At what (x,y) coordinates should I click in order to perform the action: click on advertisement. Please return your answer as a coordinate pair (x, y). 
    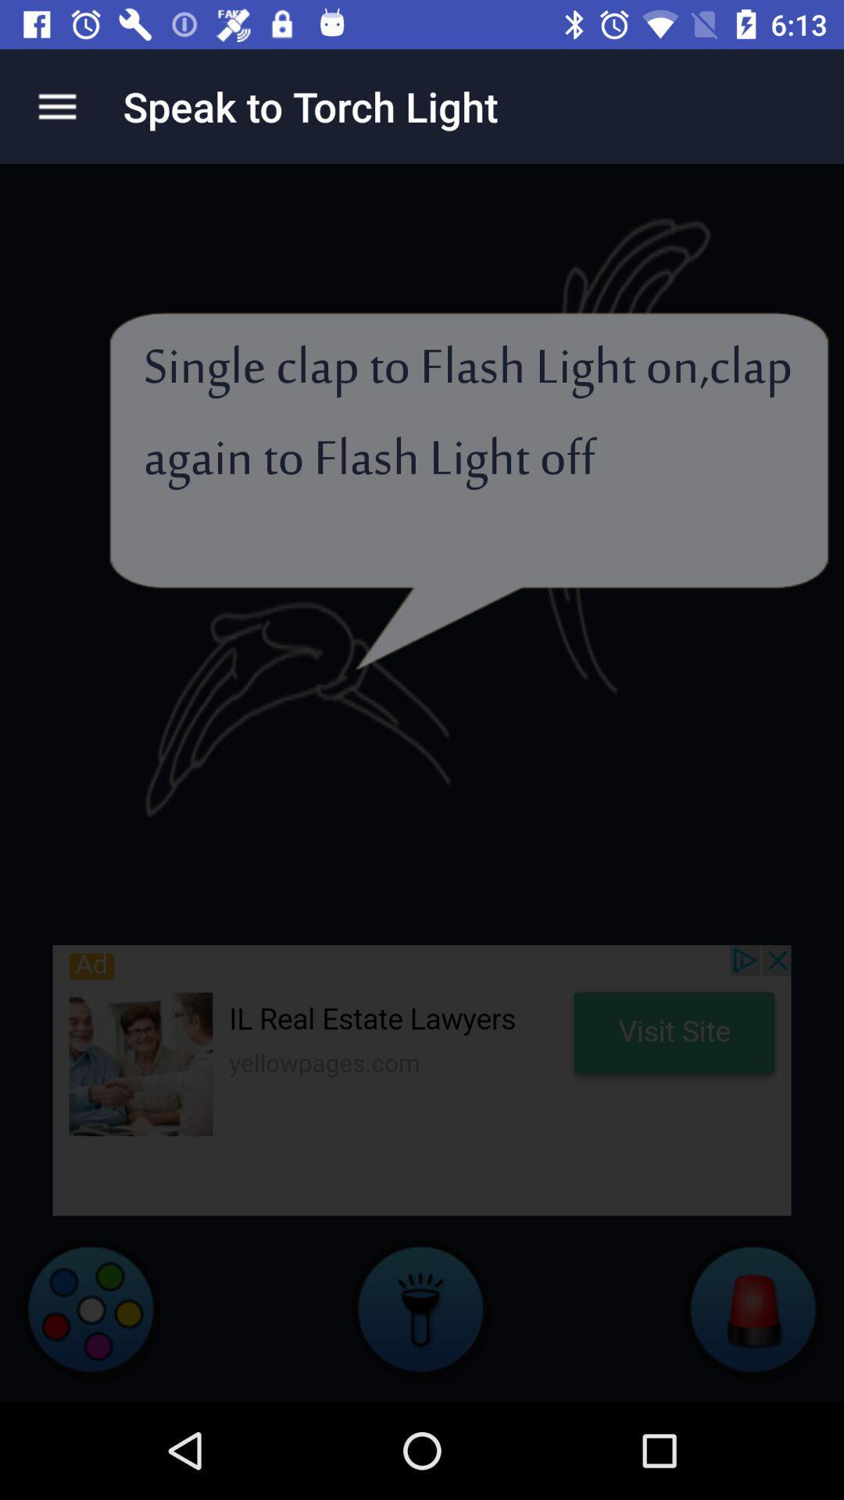
    Looking at the image, I should click on (422, 1079).